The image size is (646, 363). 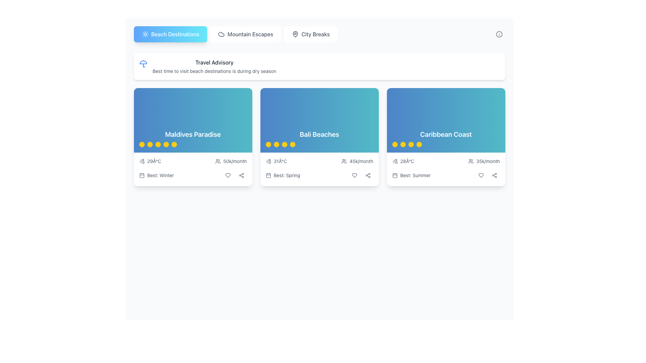 What do you see at coordinates (268, 144) in the screenshot?
I see `the first Rating indicator circle with a yellow background, positioned below the title 'Bali Beaches'` at bounding box center [268, 144].